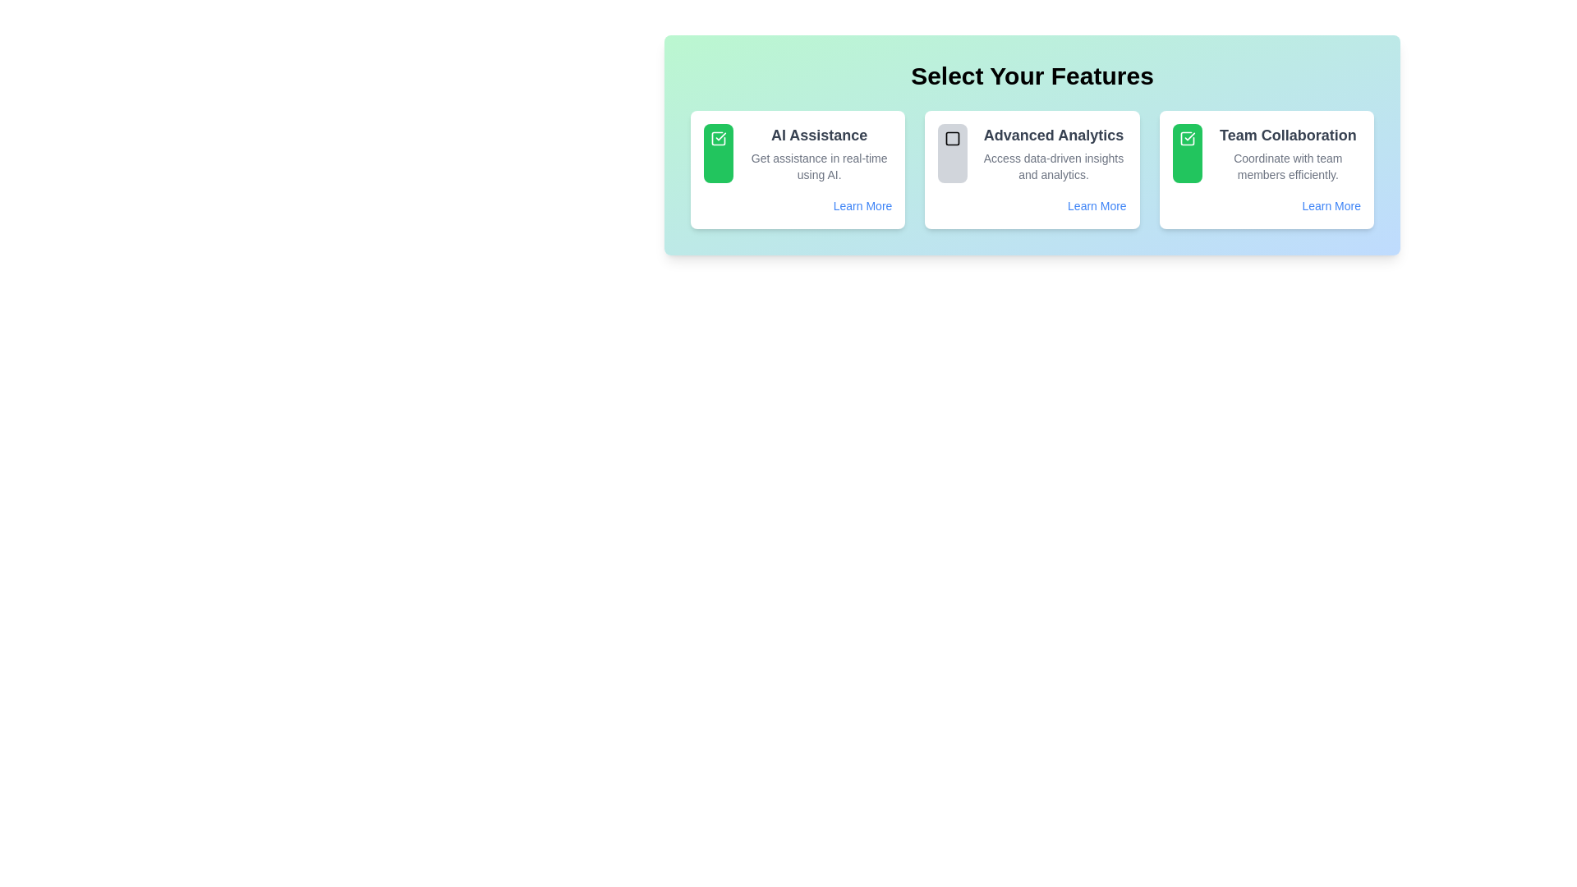 Image resolution: width=1577 pixels, height=887 pixels. I want to click on the green rectangular Indication button with a checkmark icon, located in the upper-left quadrant of the first feature card next to the text 'AI Assistance', so click(718, 153).